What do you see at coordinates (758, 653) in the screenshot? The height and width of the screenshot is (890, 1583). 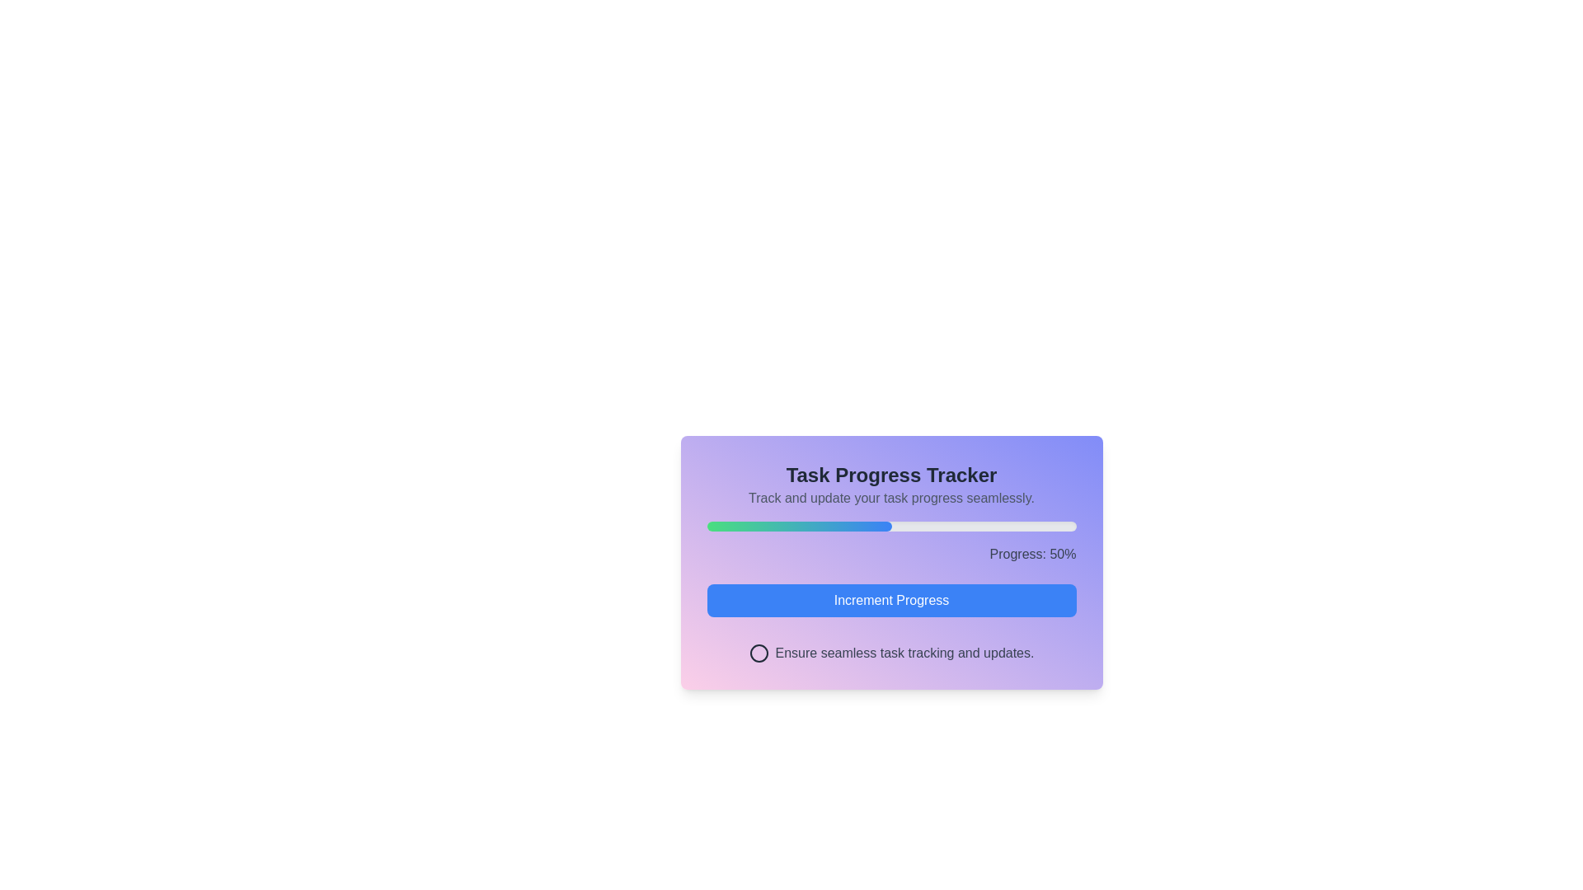 I see `the SVG-based graphical icon that precedes the text 'Ensure seamless task tracking and updates.'` at bounding box center [758, 653].